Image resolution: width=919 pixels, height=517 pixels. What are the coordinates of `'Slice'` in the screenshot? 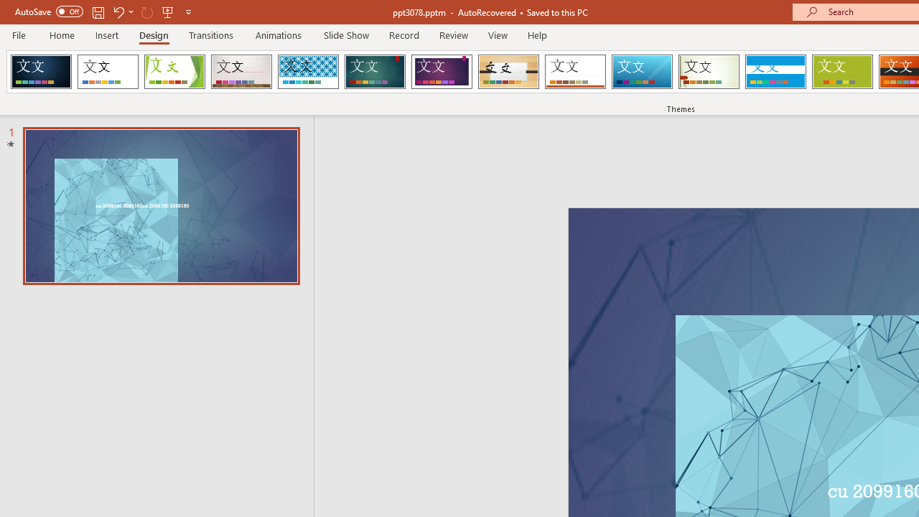 It's located at (641, 72).